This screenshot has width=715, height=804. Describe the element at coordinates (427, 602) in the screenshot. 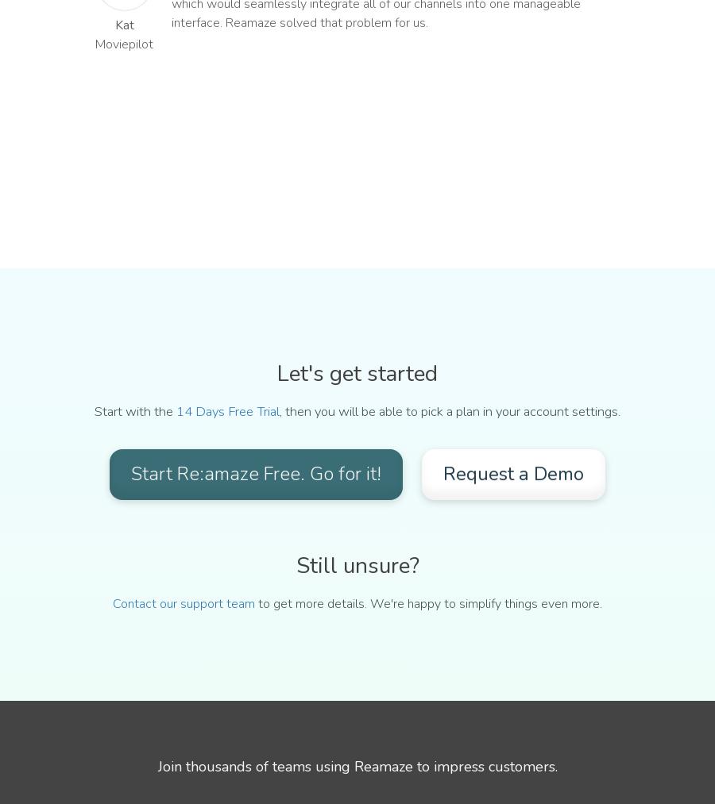

I see `'to get more details. We're happy to simplify things even more.'` at that location.